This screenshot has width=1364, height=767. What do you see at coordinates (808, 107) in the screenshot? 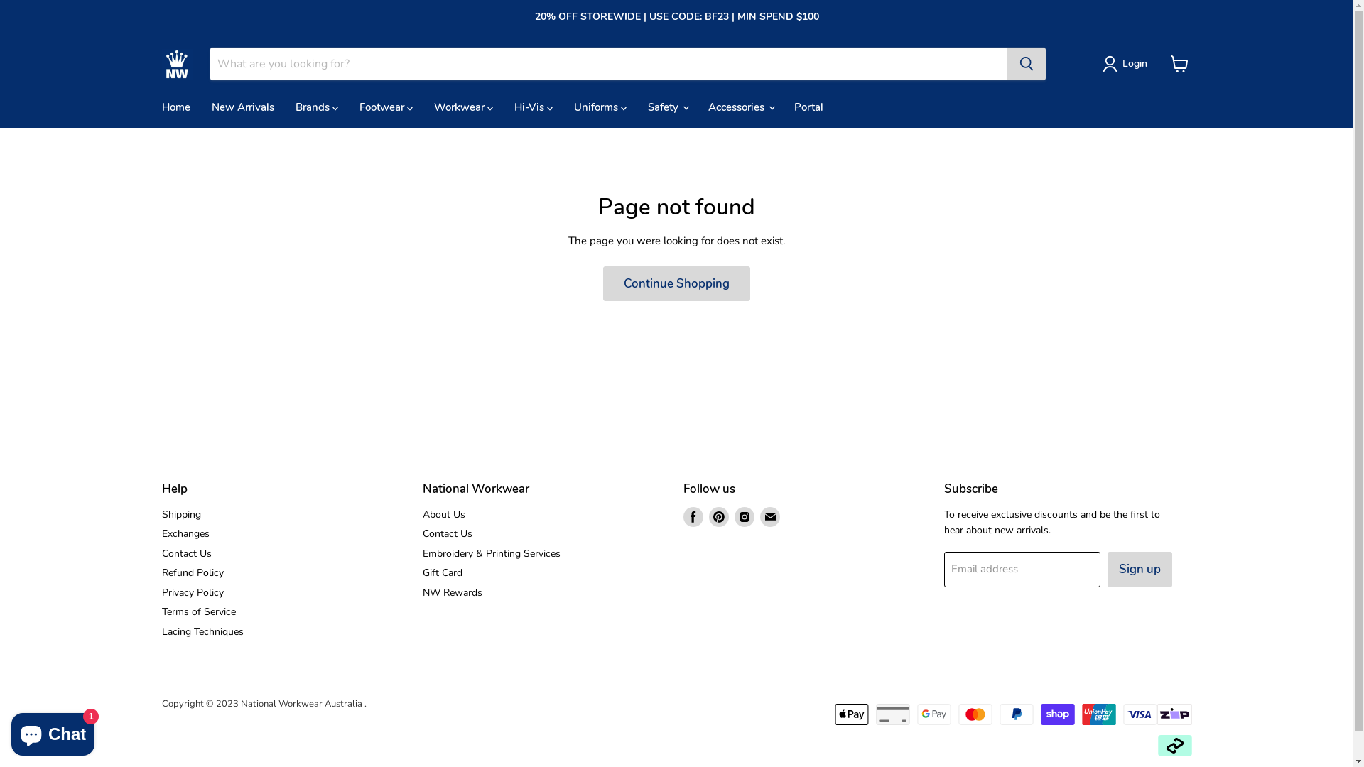
I see `'Portal'` at bounding box center [808, 107].